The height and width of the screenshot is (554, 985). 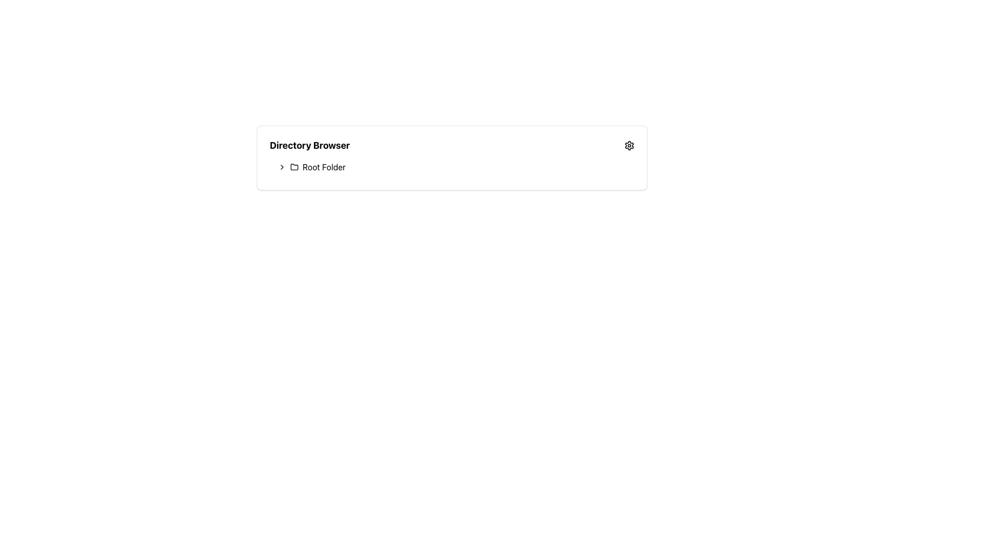 I want to click on the chevron icon, so click(x=282, y=167).